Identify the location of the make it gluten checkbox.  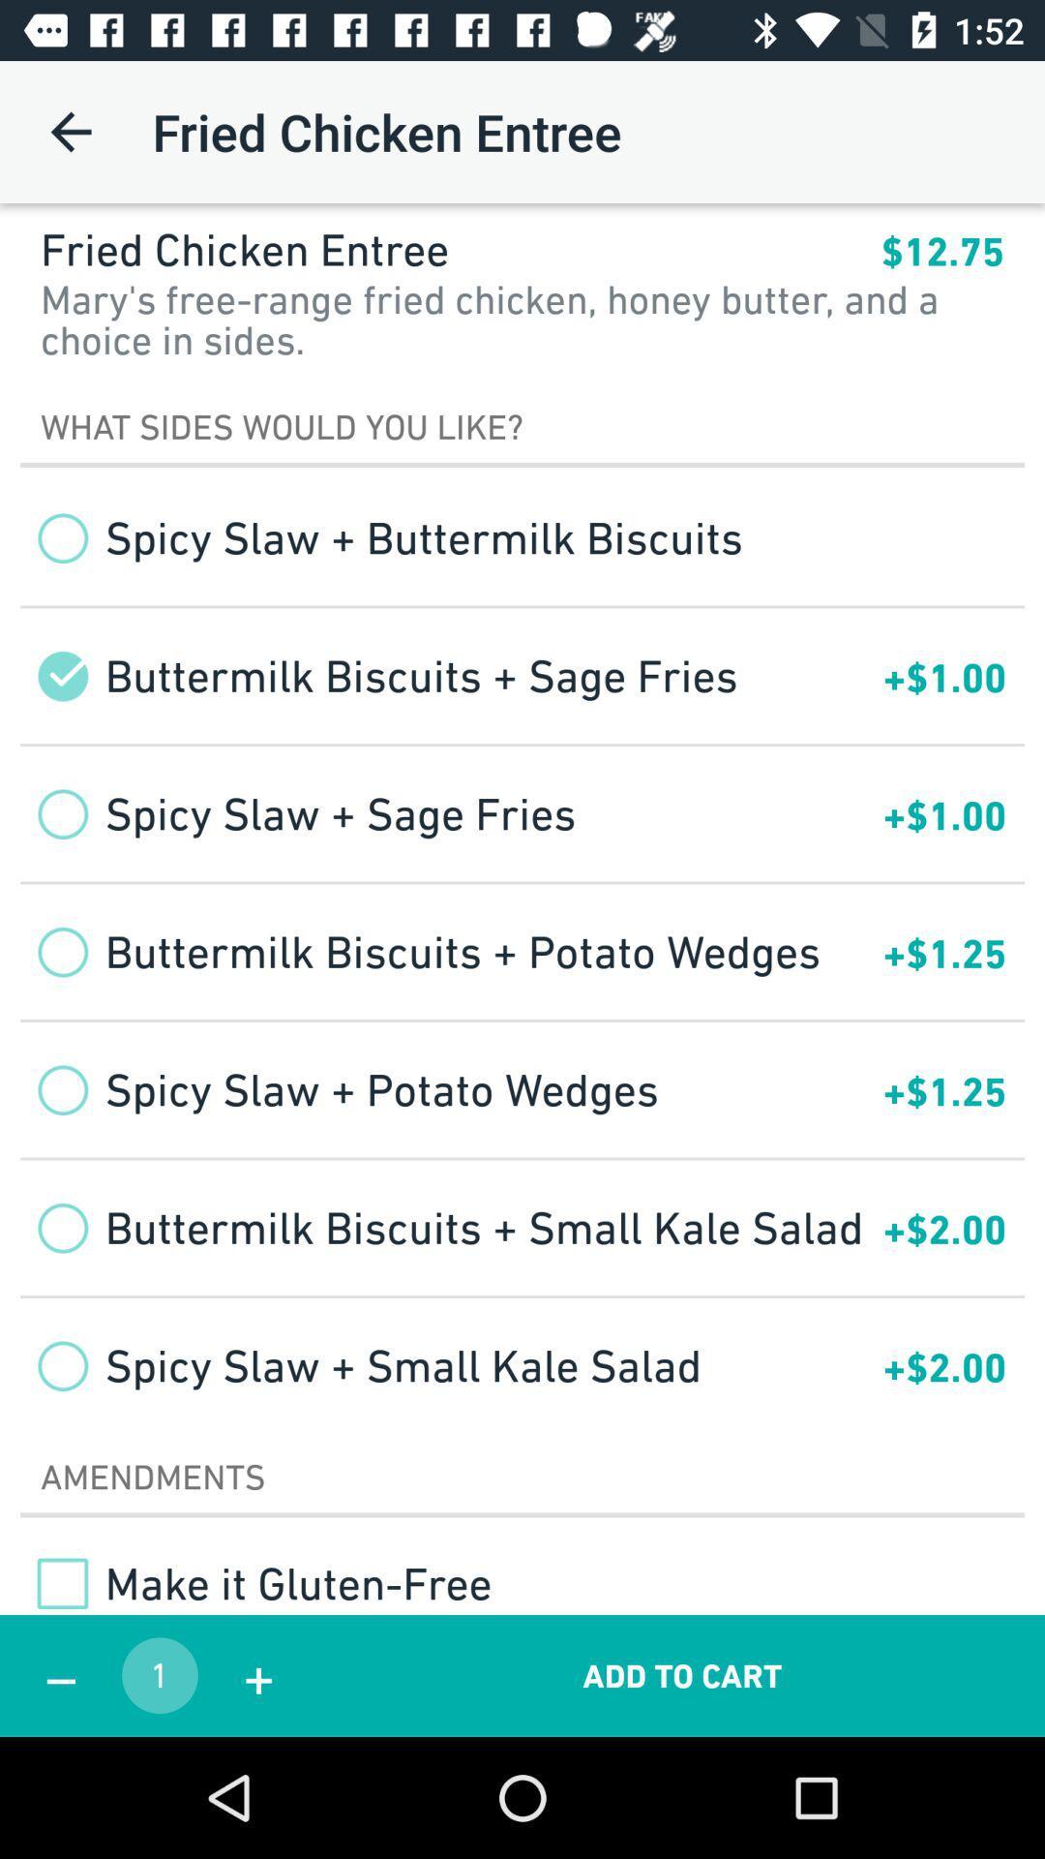
(254, 1583).